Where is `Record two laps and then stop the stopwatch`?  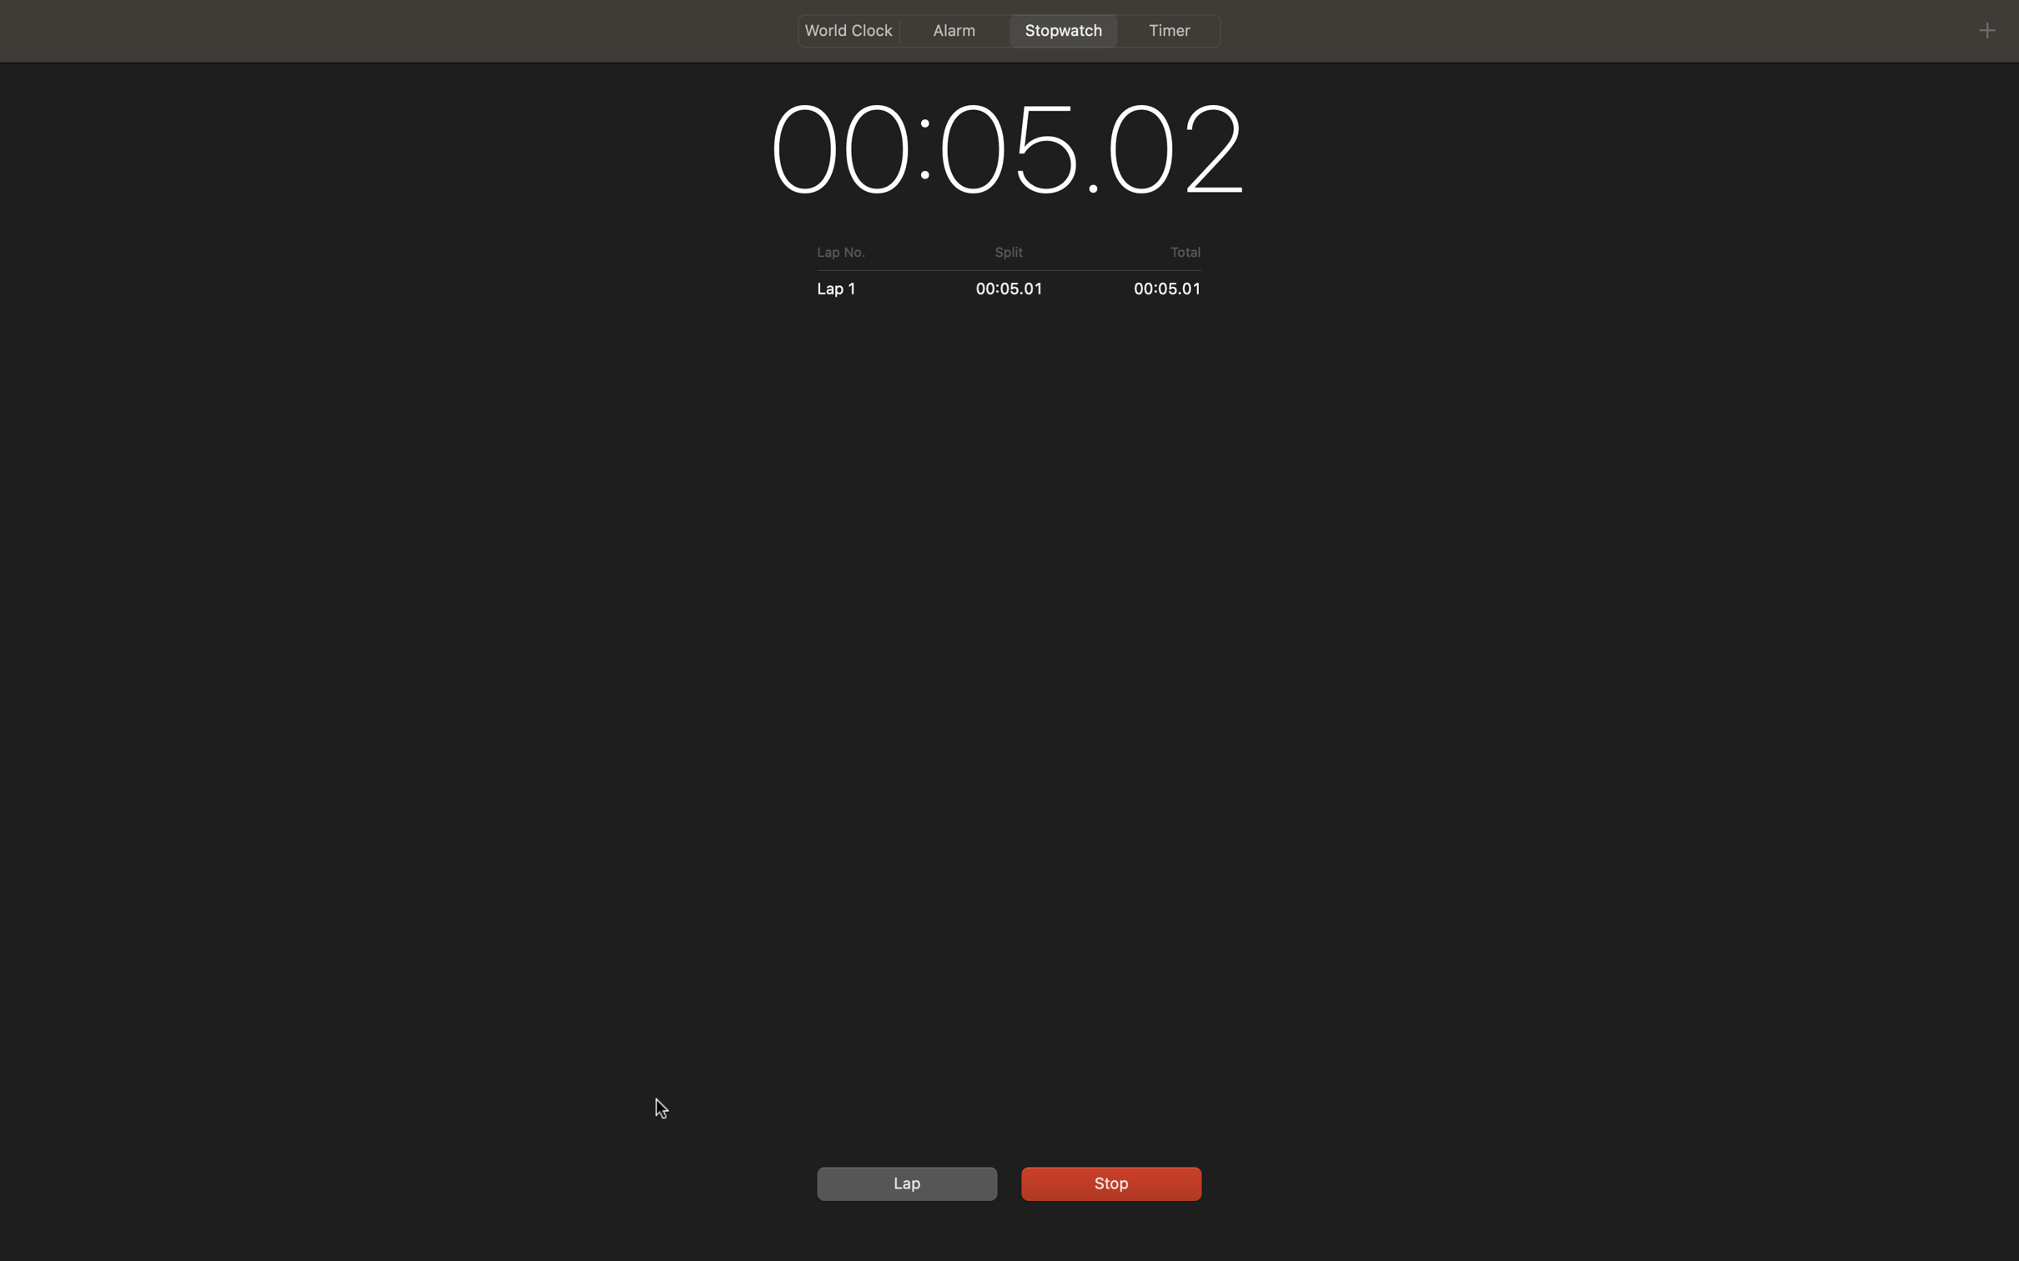
Record two laps and then stop the stopwatch is located at coordinates (904, 1183).